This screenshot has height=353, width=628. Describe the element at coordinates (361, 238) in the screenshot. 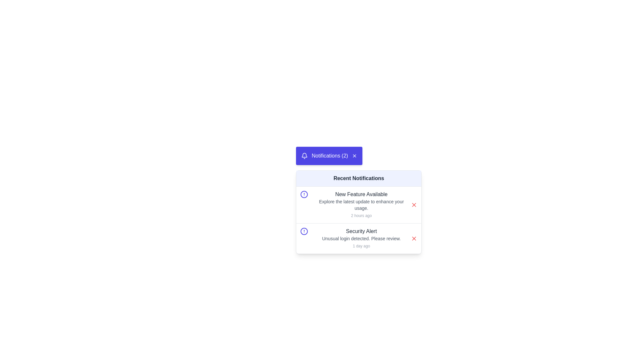

I see `the text element reading 'Unusual login detected. Please review.' which is part of the 'Security Alert' notification` at that location.